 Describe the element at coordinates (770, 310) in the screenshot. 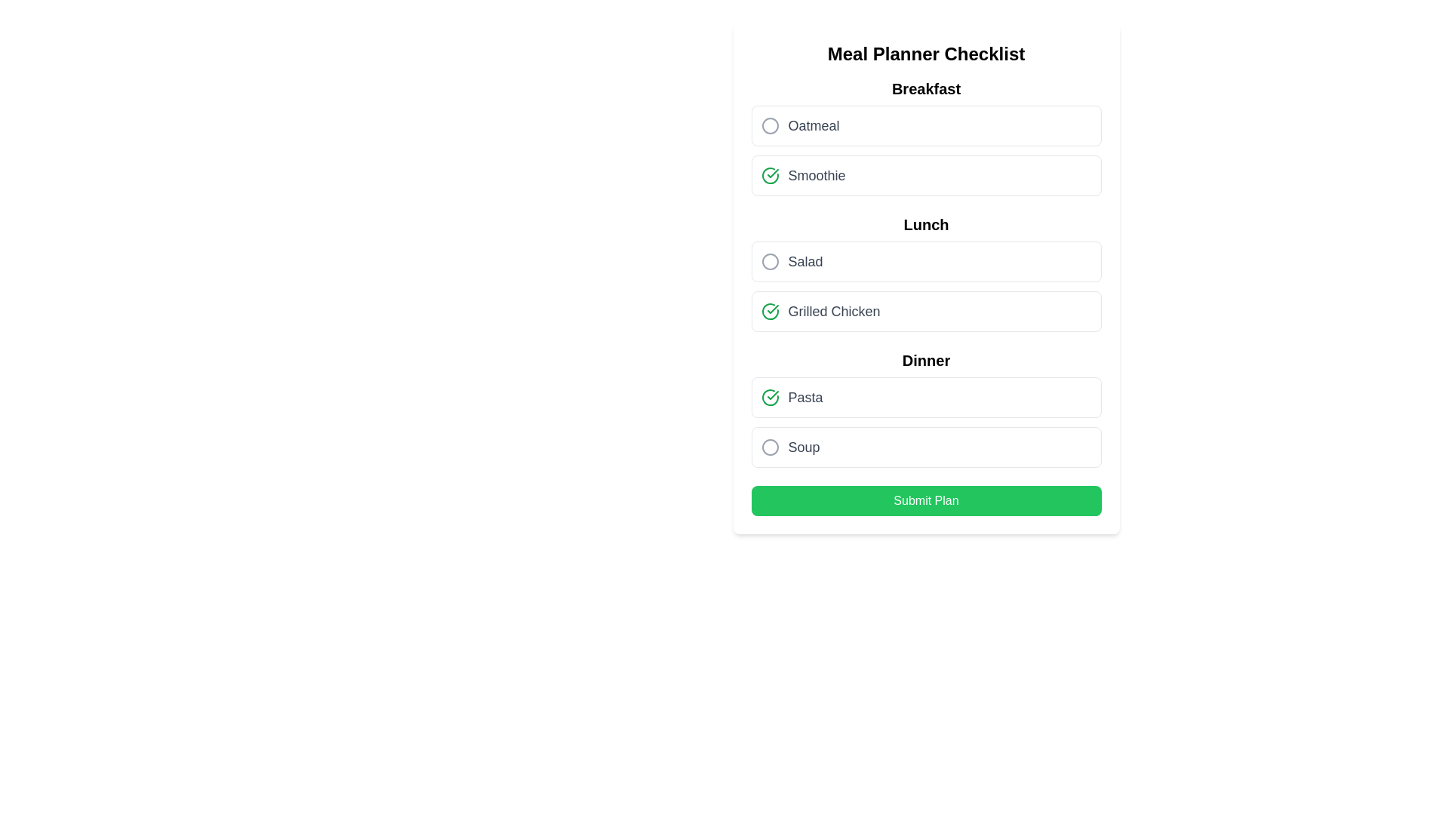

I see `the selected state icon indicating 'Grilled Chicken' in the checklist under the 'Lunch' section` at that location.